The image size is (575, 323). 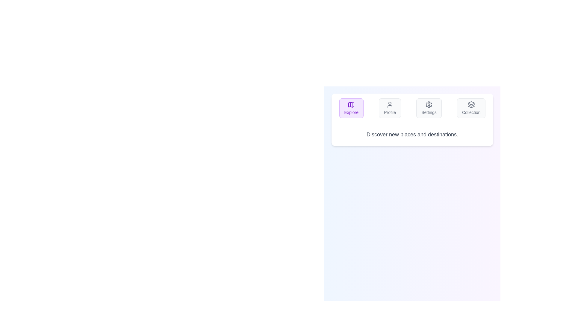 What do you see at coordinates (351, 104) in the screenshot?
I see `the map icon, which is part of the 'Explore' button located at the top-left of the navigation panel, outlined in purple and resembling a folded map` at bounding box center [351, 104].